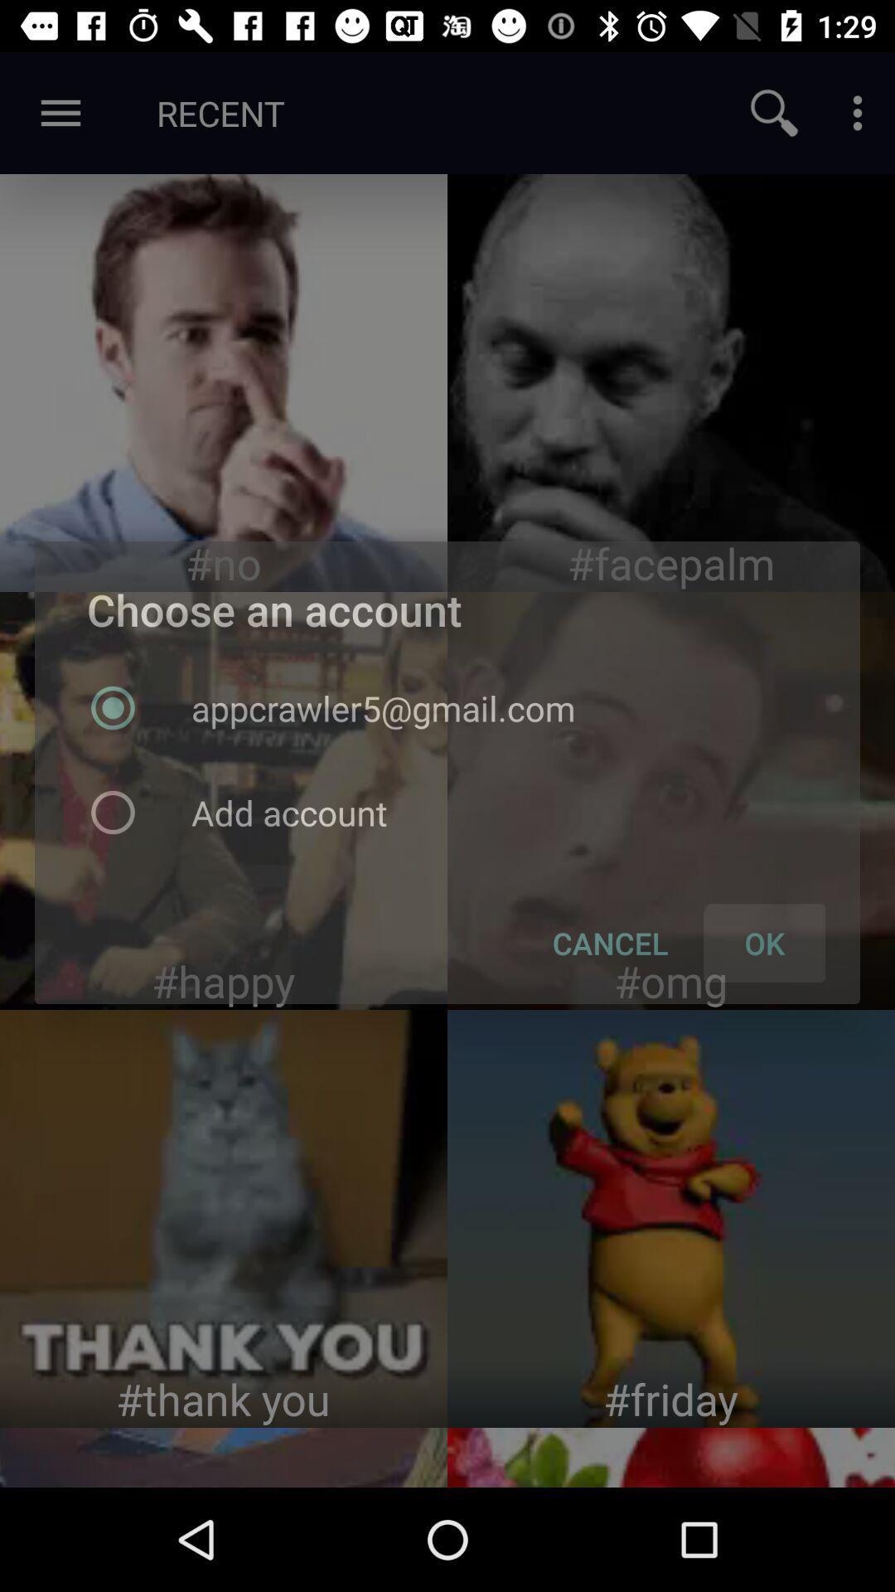  What do you see at coordinates (671, 800) in the screenshot?
I see `image` at bounding box center [671, 800].